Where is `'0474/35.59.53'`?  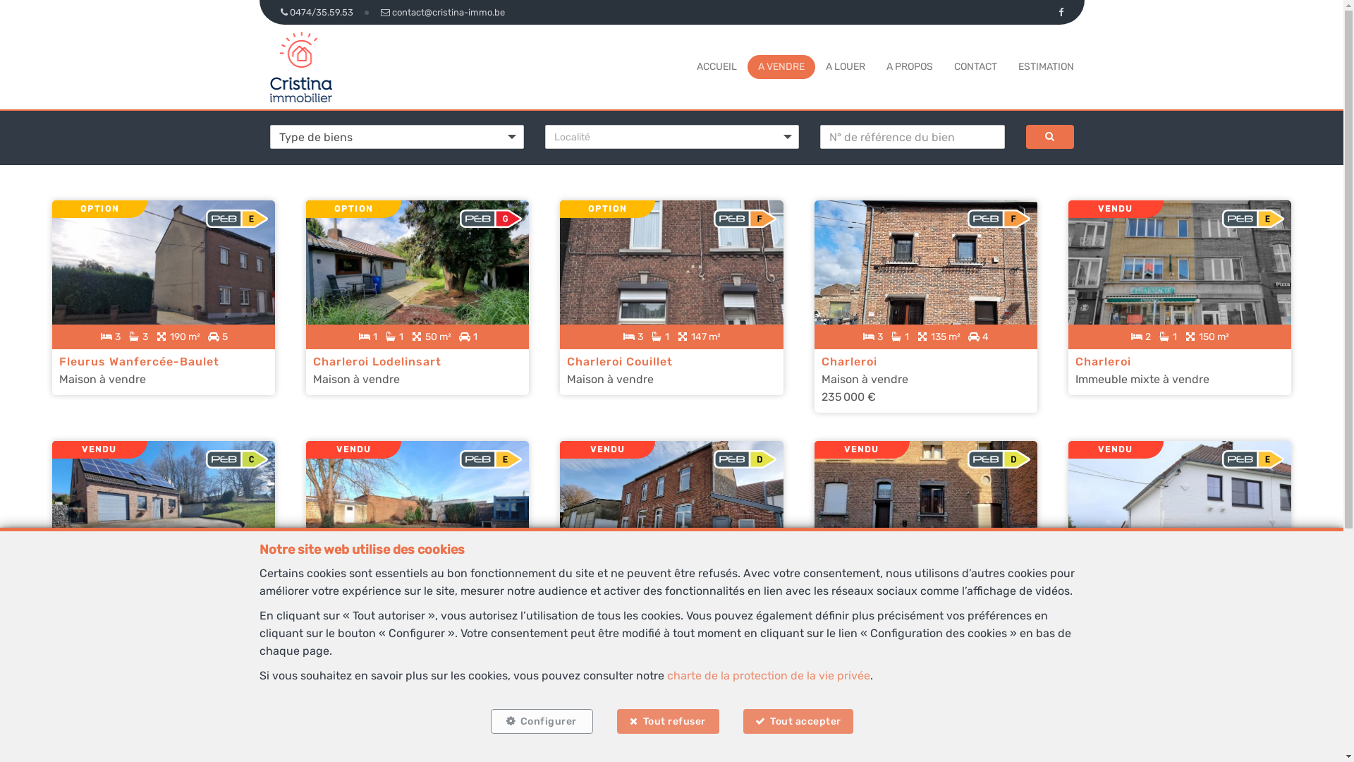 '0474/35.59.53' is located at coordinates (269, 12).